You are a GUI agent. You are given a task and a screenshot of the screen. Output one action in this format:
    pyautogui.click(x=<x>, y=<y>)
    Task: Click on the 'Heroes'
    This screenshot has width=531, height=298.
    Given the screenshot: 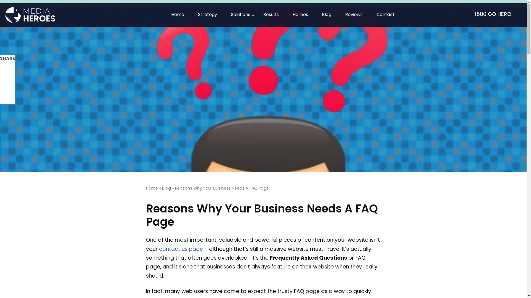 What is the action you would take?
    pyautogui.click(x=300, y=15)
    